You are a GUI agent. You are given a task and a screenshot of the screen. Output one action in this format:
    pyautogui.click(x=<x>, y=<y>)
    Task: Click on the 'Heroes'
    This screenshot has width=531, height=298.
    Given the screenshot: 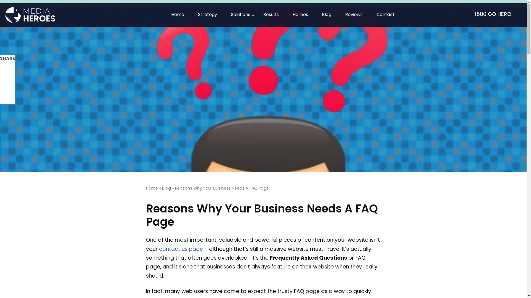 What is the action you would take?
    pyautogui.click(x=300, y=15)
    